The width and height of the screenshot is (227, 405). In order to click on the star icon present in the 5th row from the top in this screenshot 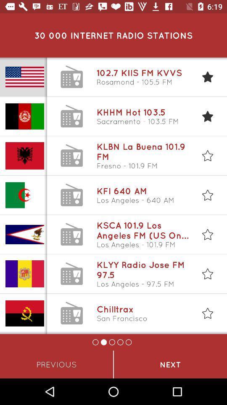, I will do `click(207, 235)`.